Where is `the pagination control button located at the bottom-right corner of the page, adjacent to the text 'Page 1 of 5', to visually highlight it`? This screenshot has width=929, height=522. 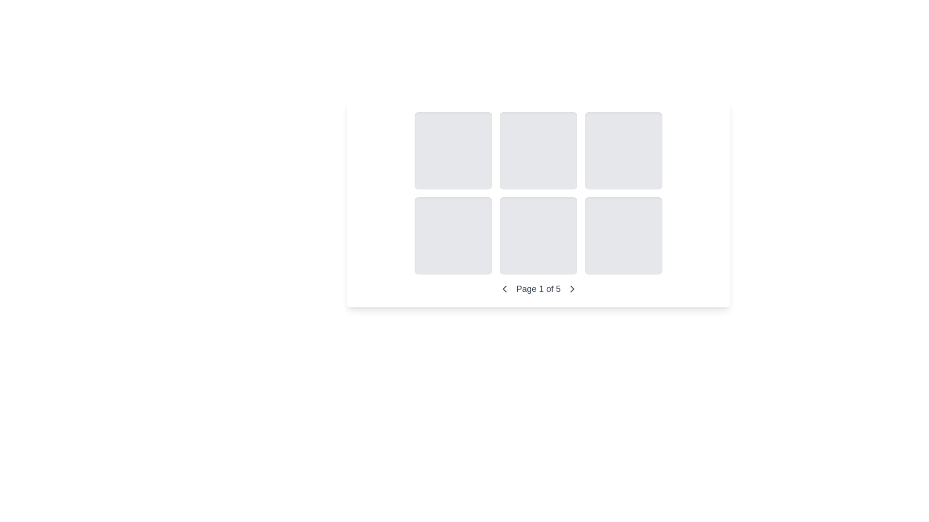
the pagination control button located at the bottom-right corner of the page, adjacent to the text 'Page 1 of 5', to visually highlight it is located at coordinates (572, 288).